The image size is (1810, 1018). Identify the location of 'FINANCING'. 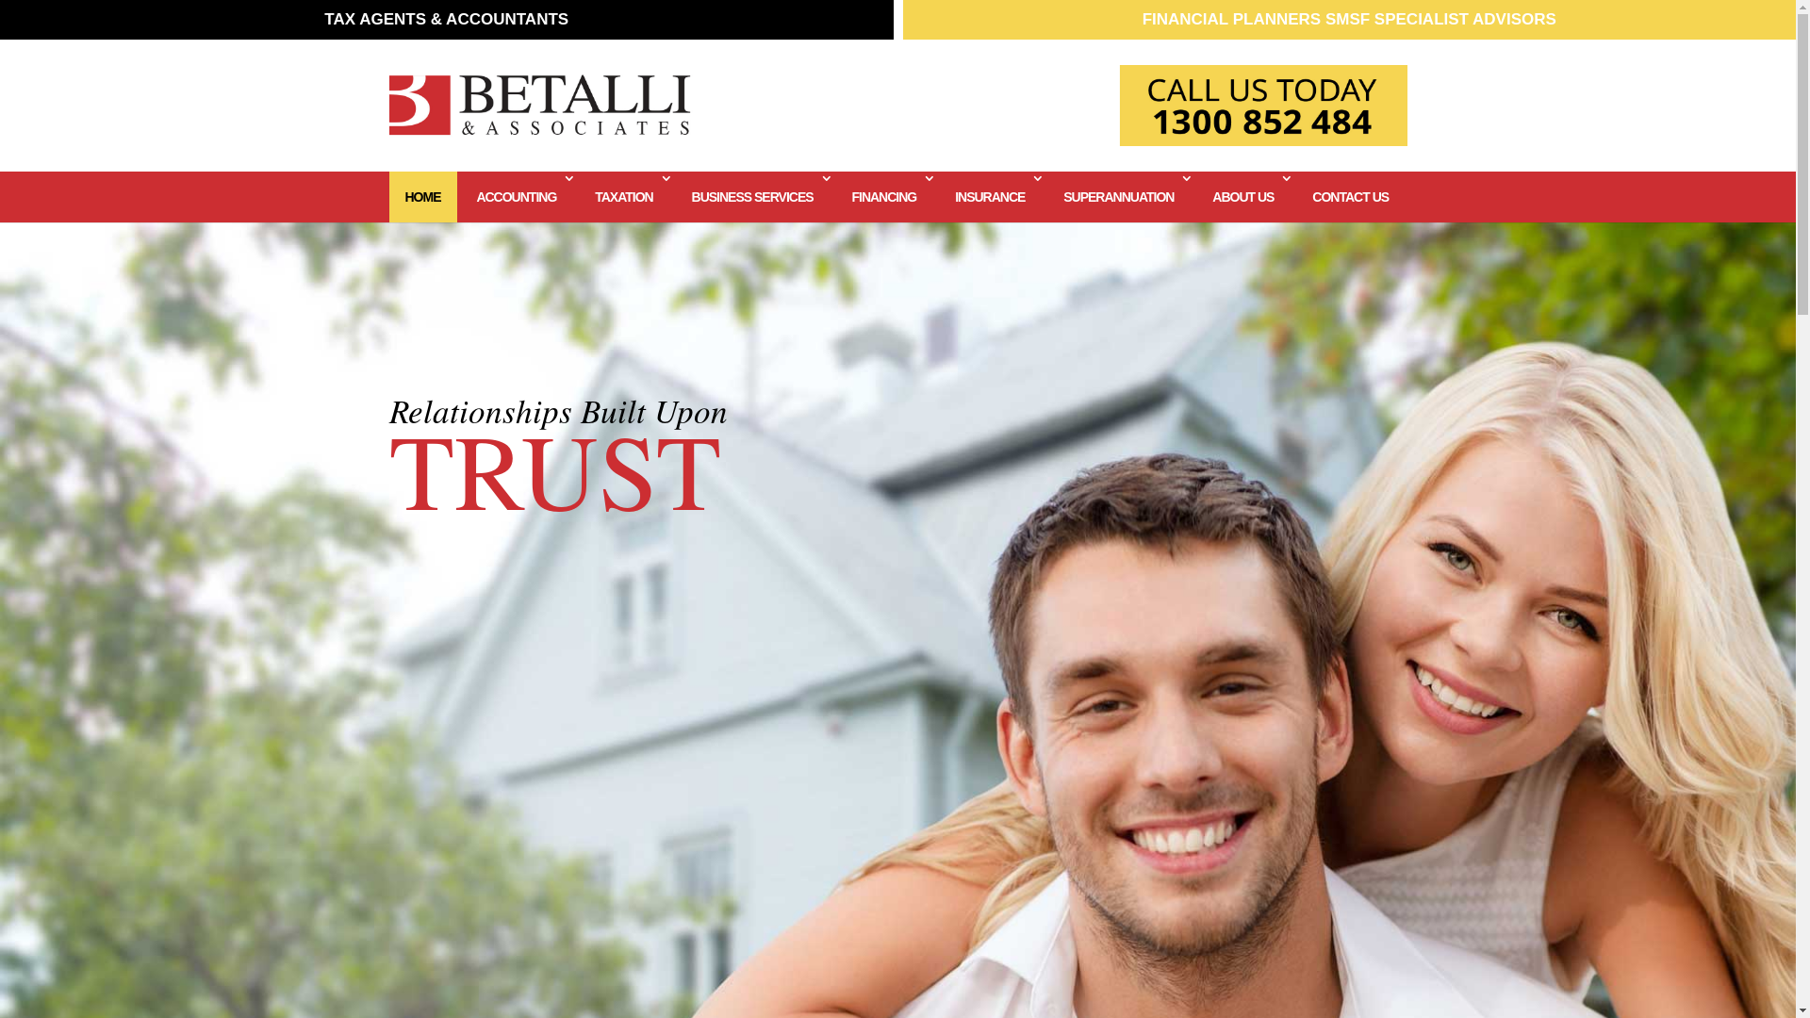
(884, 196).